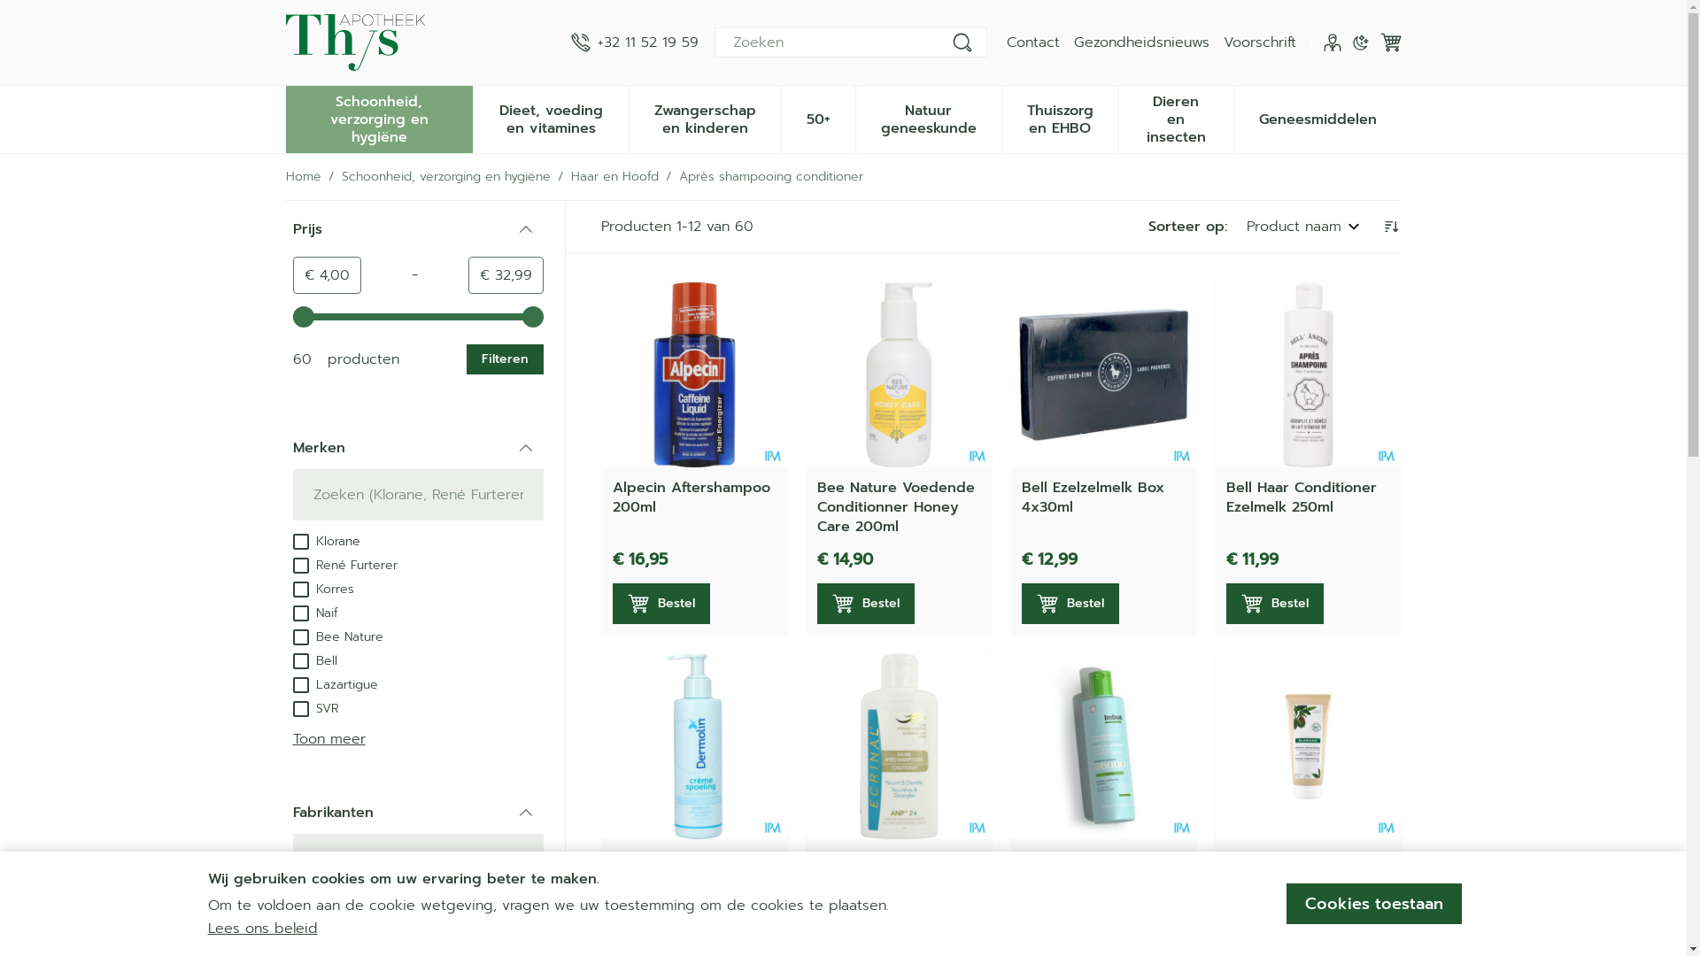 This screenshot has height=956, width=1700. I want to click on 'Bell', so click(314, 659).